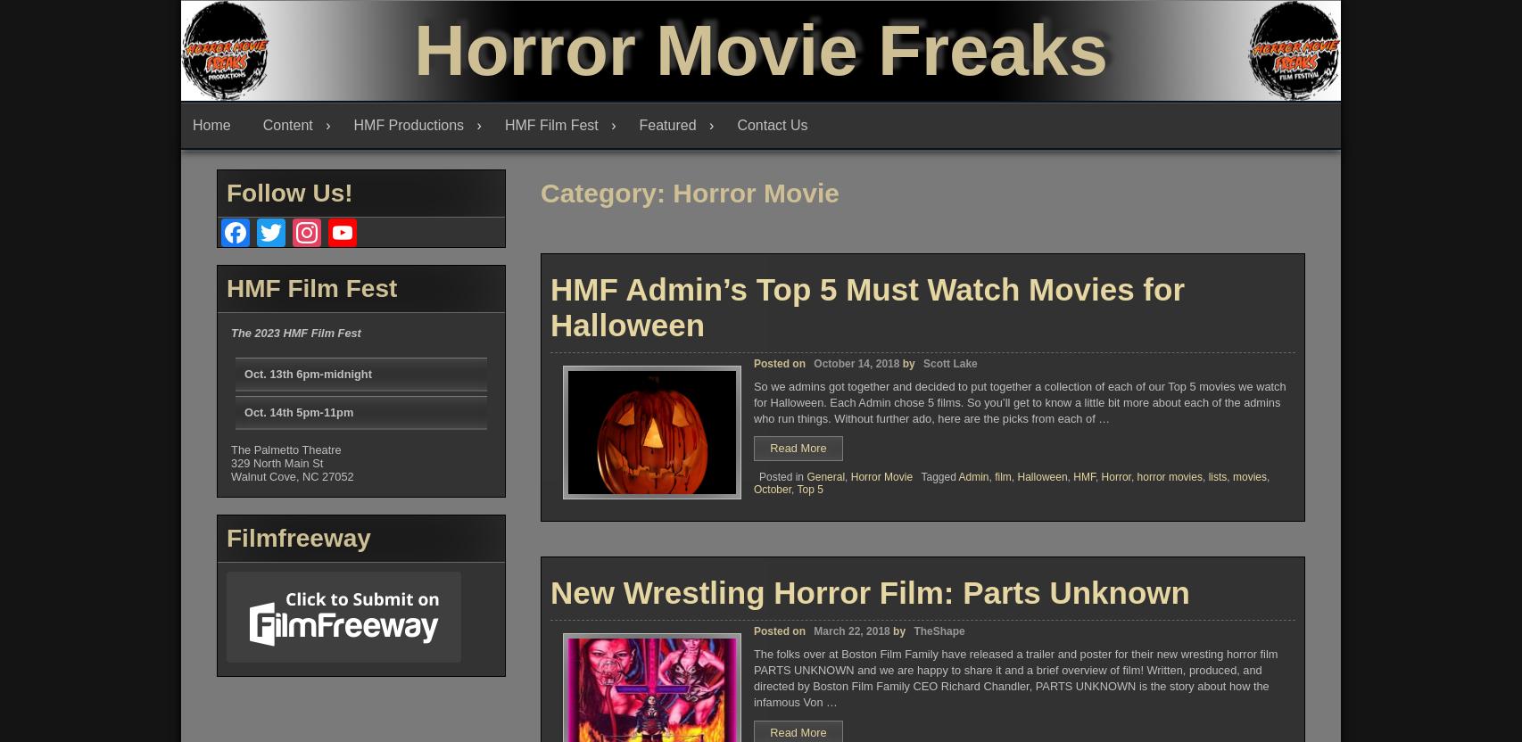 The width and height of the screenshot is (1522, 742). I want to click on 'YouTube Channel', so click(367, 403).